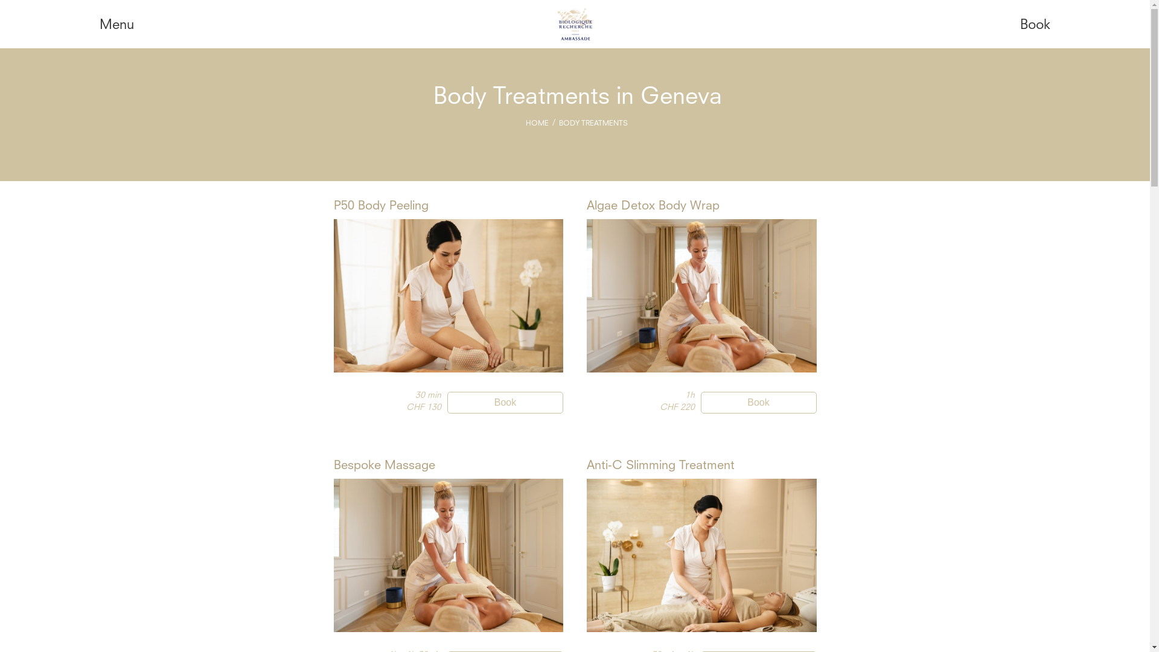 The width and height of the screenshot is (1159, 652). Describe the element at coordinates (383, 465) in the screenshot. I see `'Bespoke Massage'` at that location.